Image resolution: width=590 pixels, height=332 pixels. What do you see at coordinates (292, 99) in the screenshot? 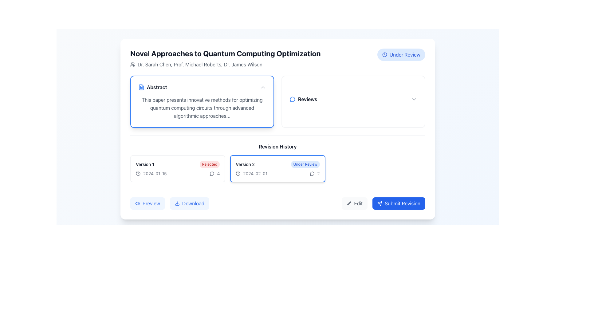
I see `the message or chat interaction icon located next to the 'Reviews' text` at bounding box center [292, 99].